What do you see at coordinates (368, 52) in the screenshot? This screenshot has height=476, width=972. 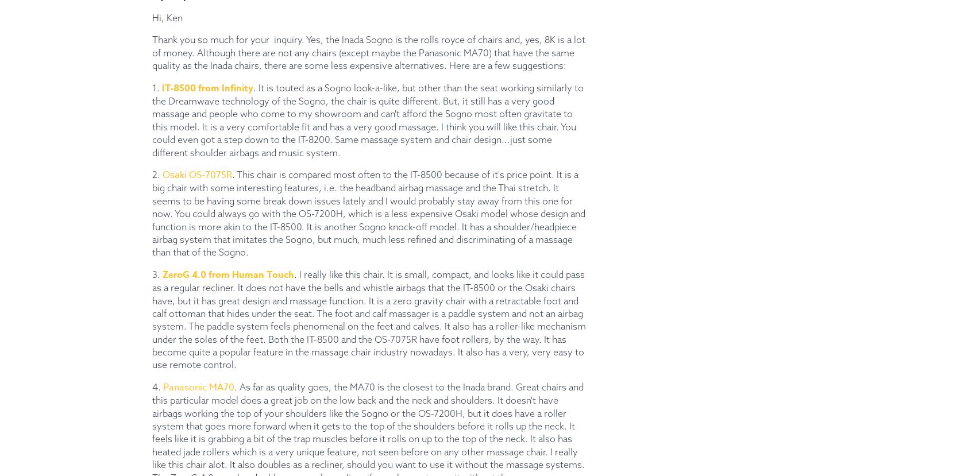 I see `'Thank you so much for your  inquiry. Yes, the Inada Sogno is the rolls royce of chairs and, yes, 8K is a lot of money. Although there are not any chairs (except maybe the Panasonic MA70) that have the same quality as the Inada chairs, there are some less expensive alternatives. Here are a few suggestions:'` at bounding box center [368, 52].